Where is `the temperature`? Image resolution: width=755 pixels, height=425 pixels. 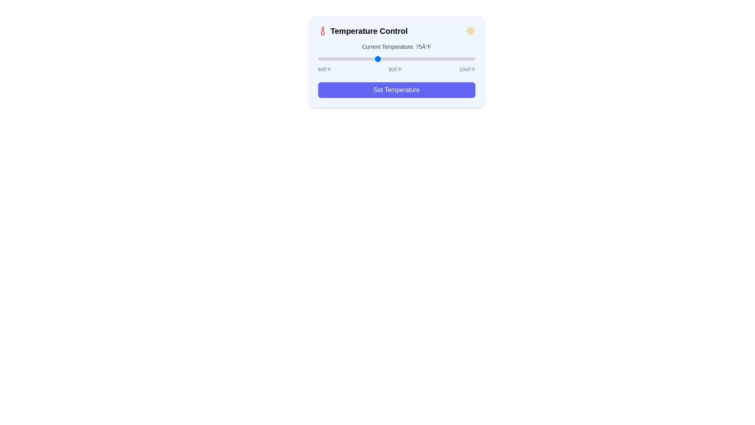
the temperature is located at coordinates (463, 59).